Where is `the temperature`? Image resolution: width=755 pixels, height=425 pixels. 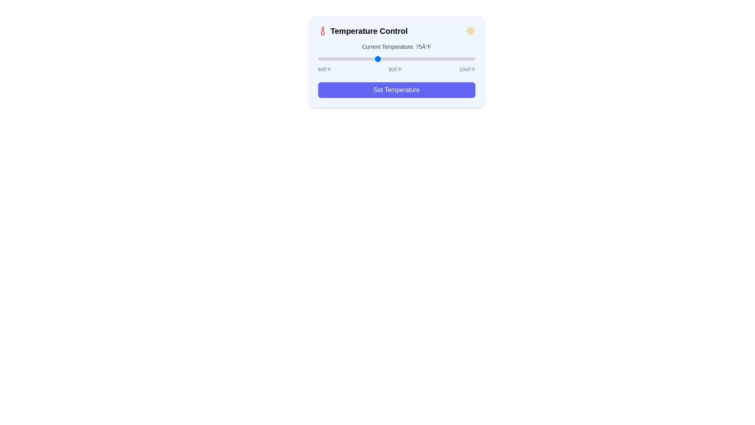
the temperature is located at coordinates (463, 59).